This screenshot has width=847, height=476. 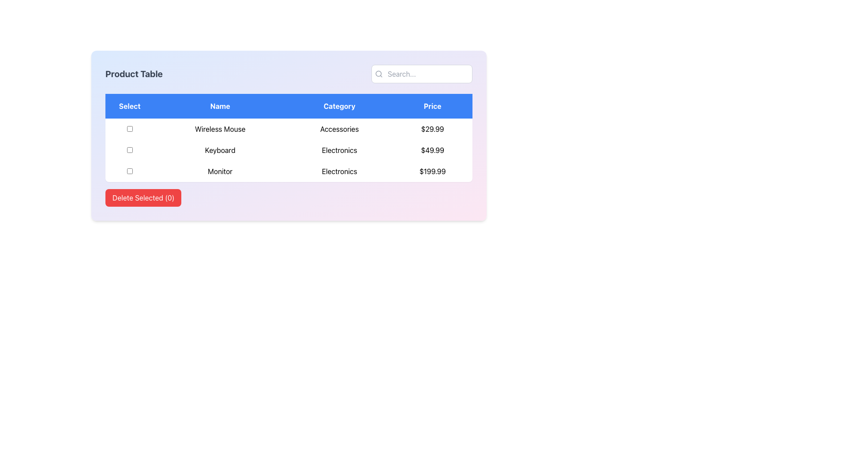 I want to click on the checkbox labeled 'Monitor' in the product table, so click(x=129, y=171).